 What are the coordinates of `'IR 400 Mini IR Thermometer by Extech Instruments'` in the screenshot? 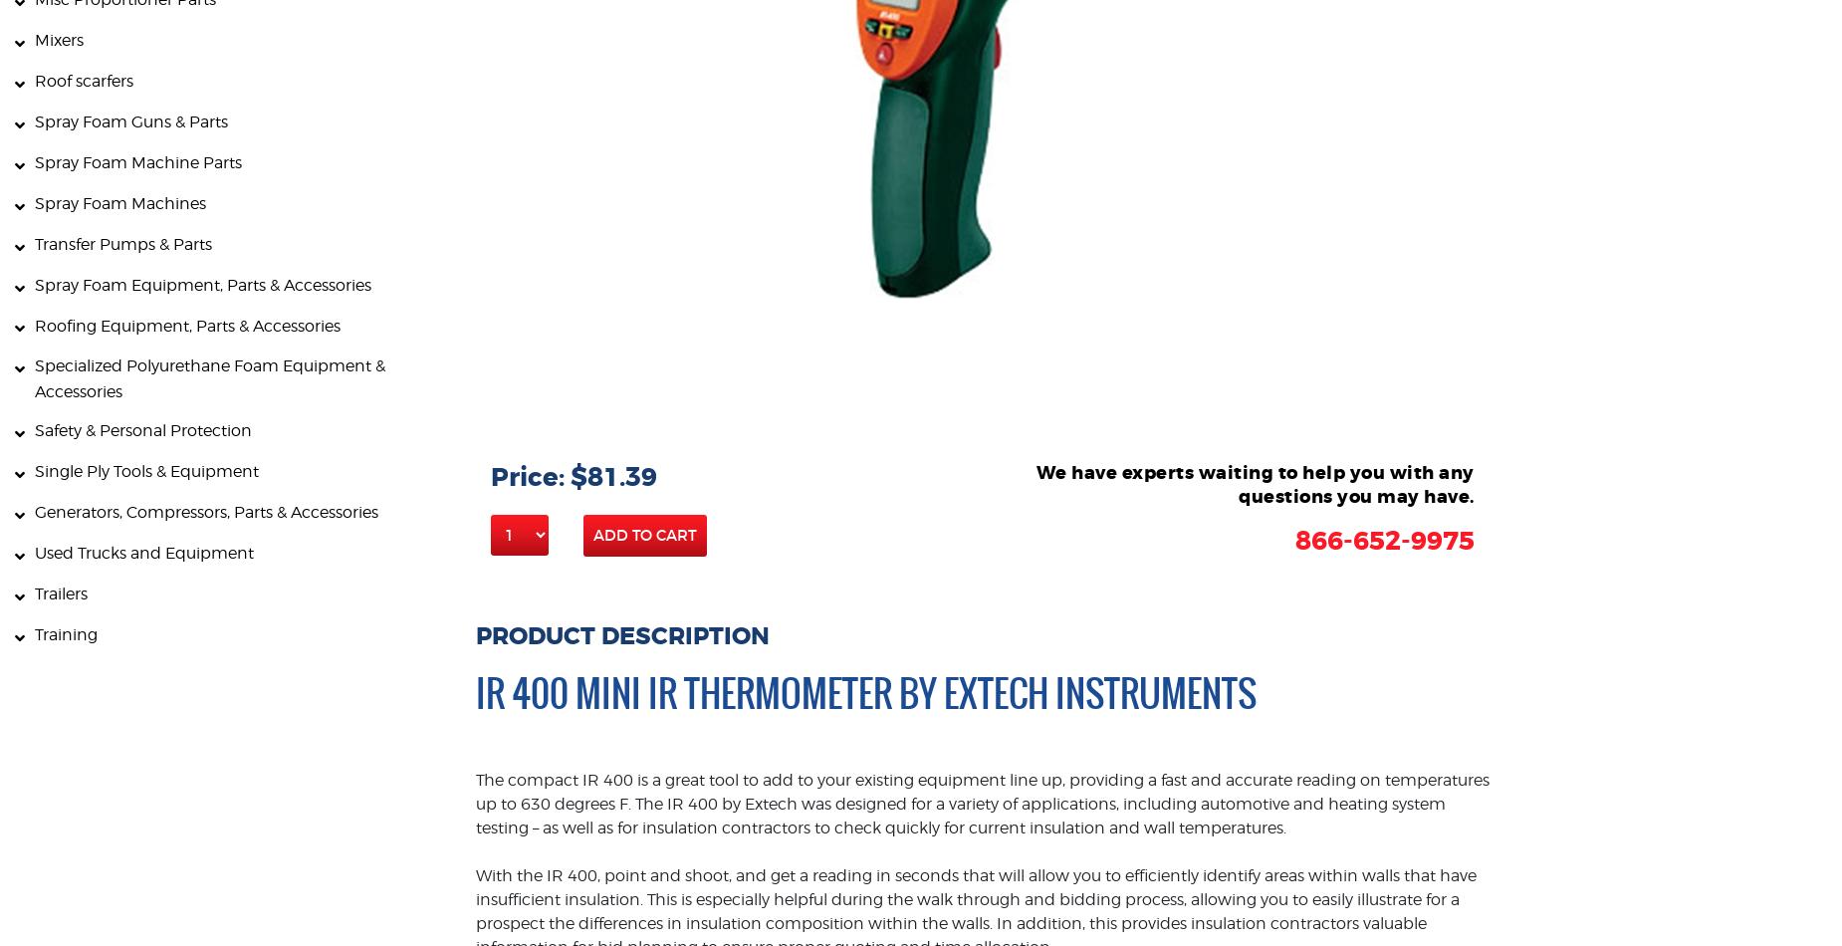 It's located at (864, 692).